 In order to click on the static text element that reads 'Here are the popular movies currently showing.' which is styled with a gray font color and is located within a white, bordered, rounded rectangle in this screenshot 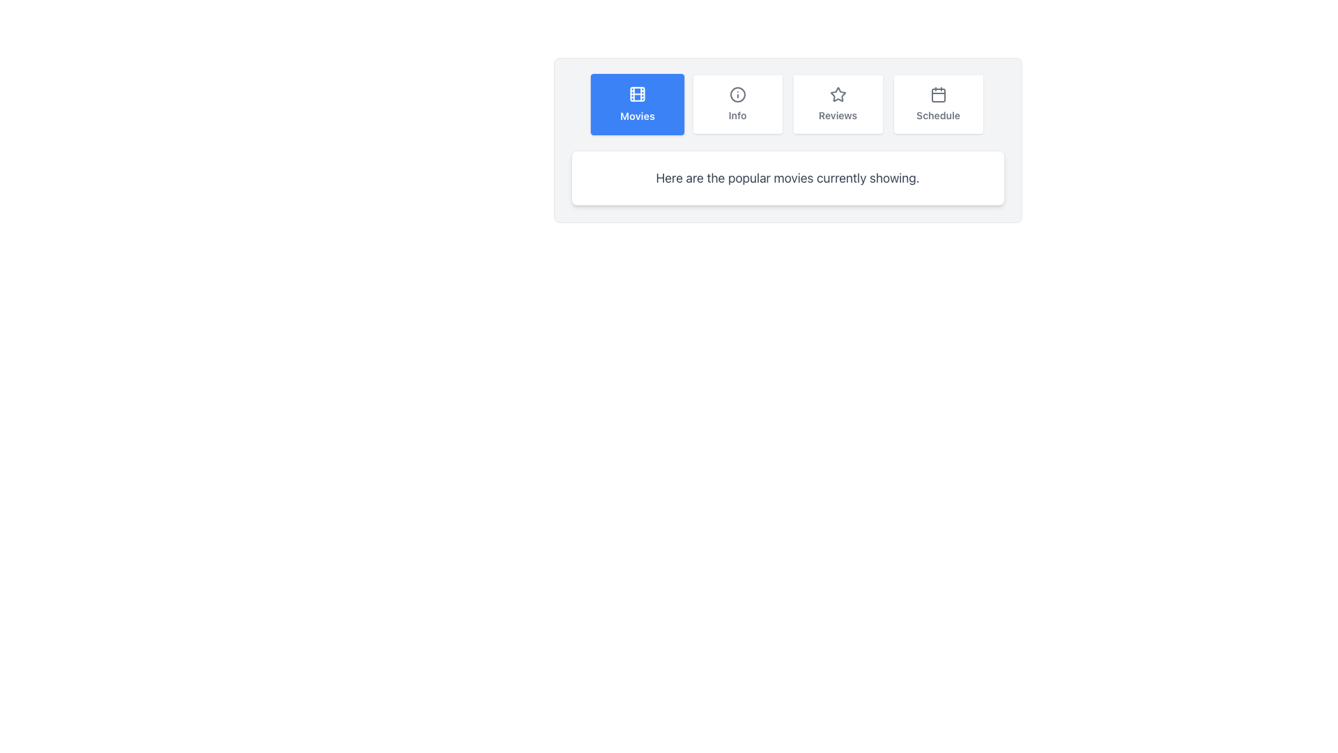, I will do `click(787, 177)`.